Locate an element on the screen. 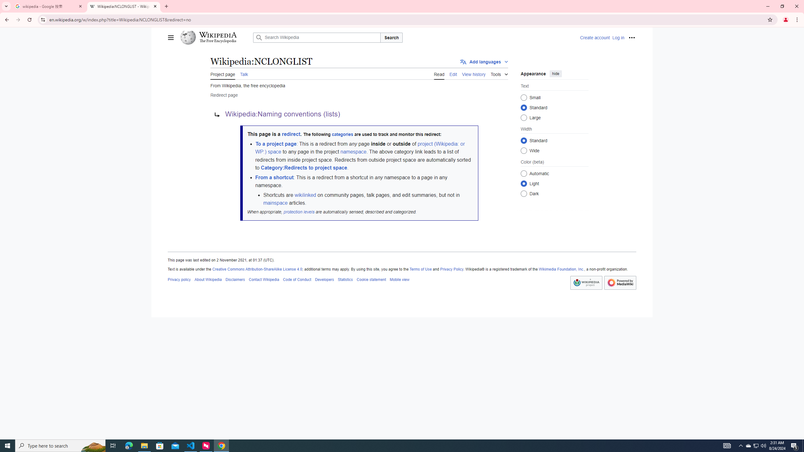 The image size is (804, 452). 'AutomationID: footer-places-developers' is located at coordinates (324, 279).